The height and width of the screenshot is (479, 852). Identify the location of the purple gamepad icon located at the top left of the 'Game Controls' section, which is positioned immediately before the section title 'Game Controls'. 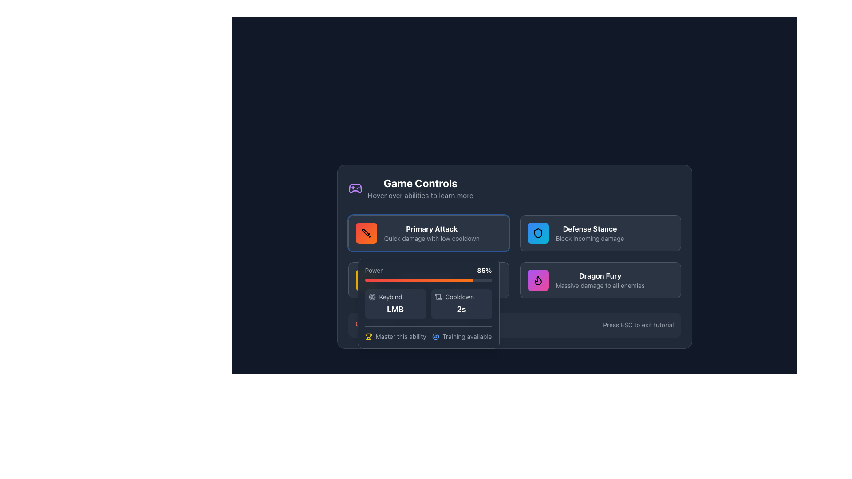
(355, 188).